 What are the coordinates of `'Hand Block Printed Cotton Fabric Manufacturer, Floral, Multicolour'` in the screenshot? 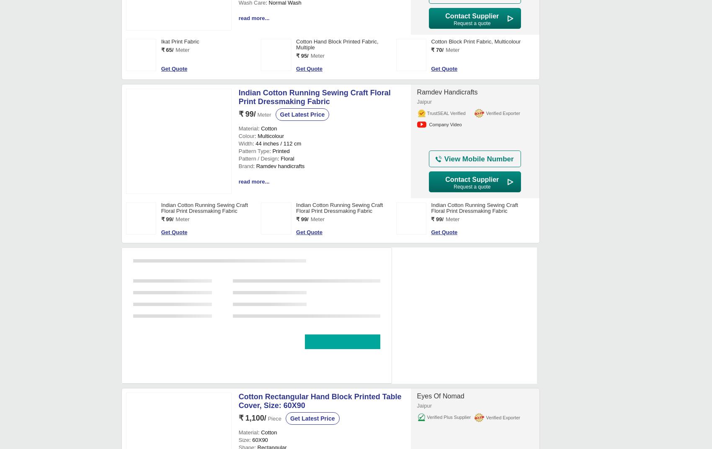 It's located at (471, 137).